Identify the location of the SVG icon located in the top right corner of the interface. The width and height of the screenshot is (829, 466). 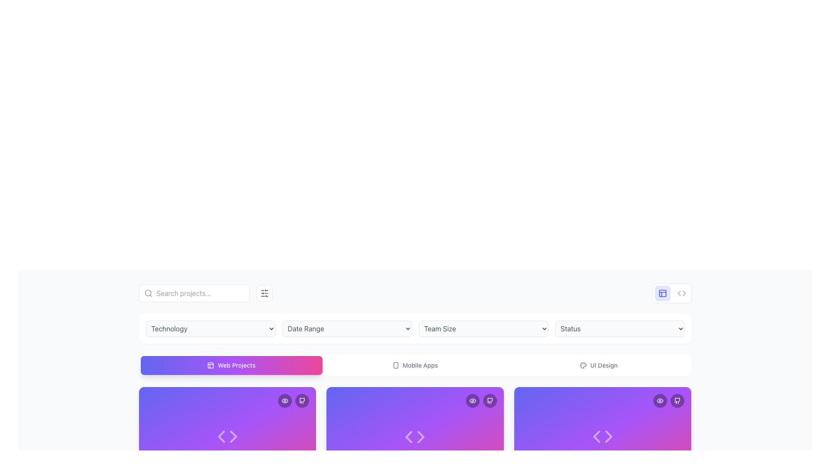
(662, 293).